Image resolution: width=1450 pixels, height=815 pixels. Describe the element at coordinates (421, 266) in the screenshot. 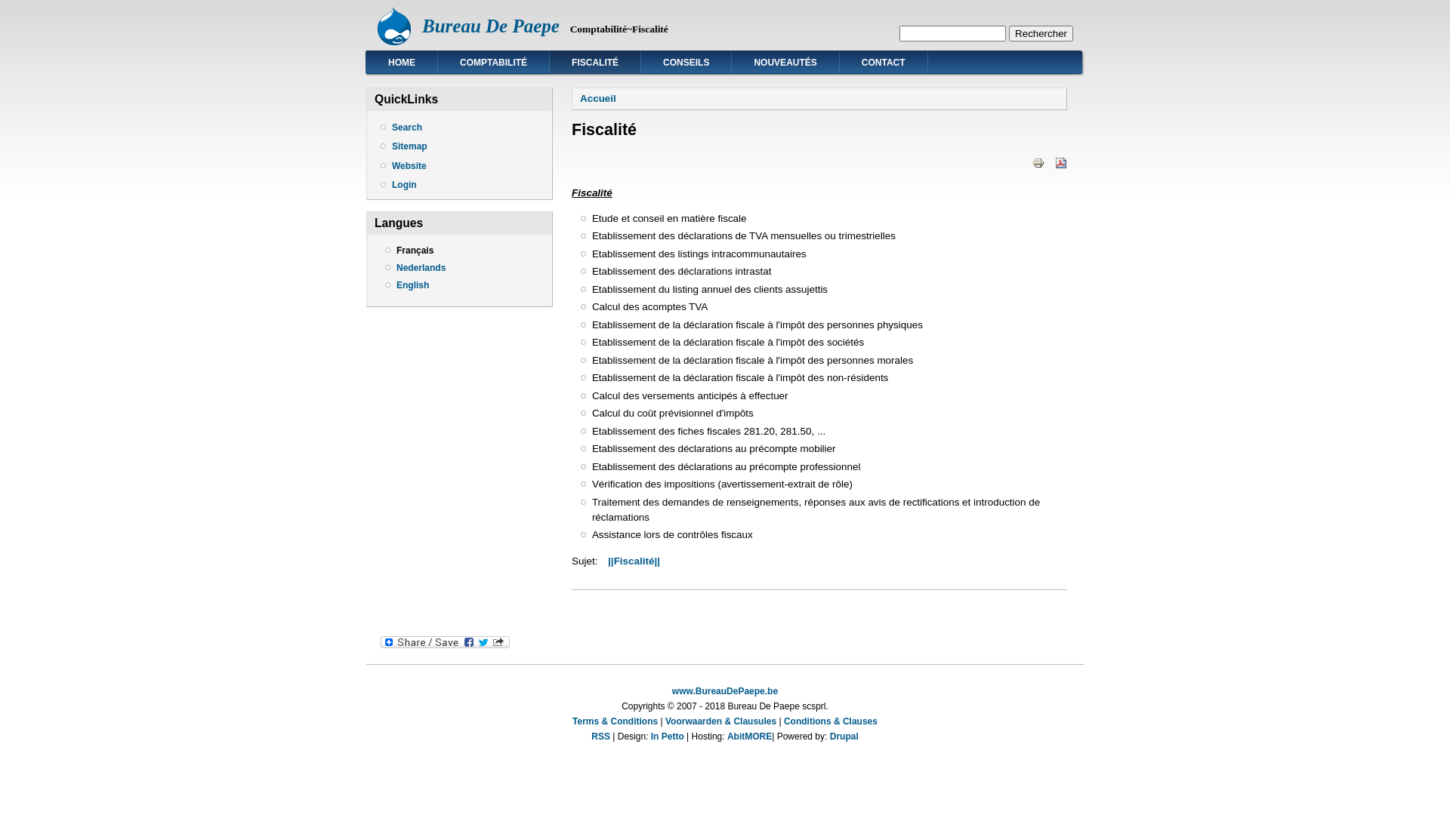

I see `'Nederlands'` at that location.